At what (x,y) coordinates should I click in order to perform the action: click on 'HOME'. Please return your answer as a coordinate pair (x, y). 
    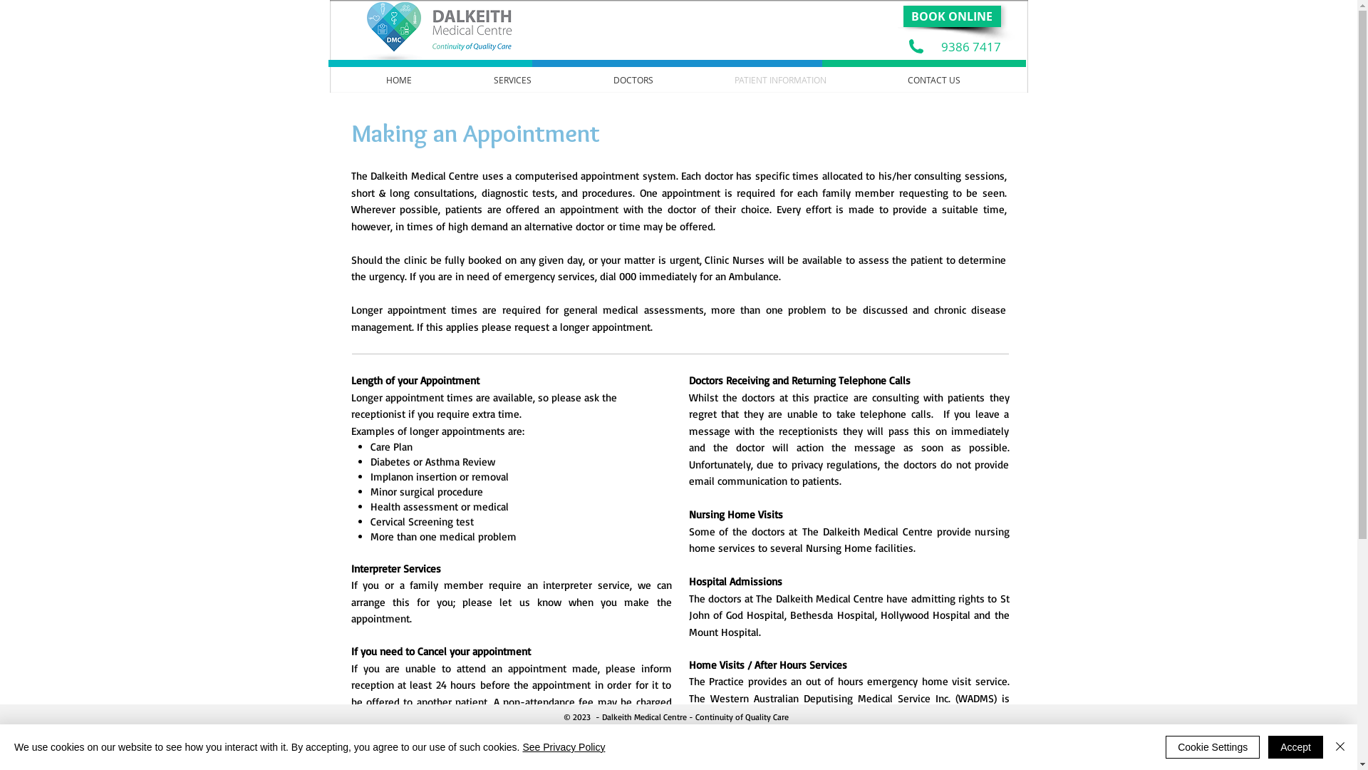
    Looking at the image, I should click on (398, 79).